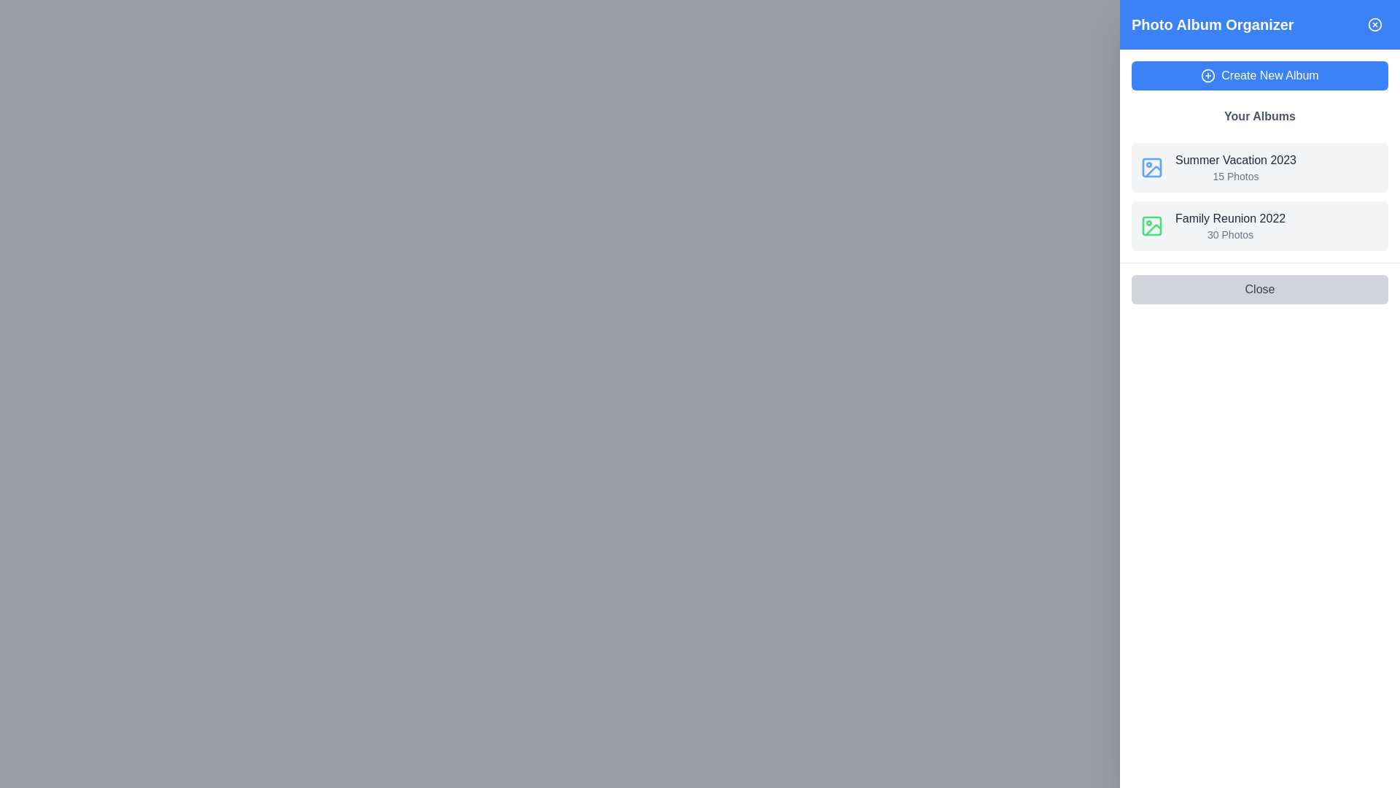 Image resolution: width=1400 pixels, height=788 pixels. What do you see at coordinates (1234, 167) in the screenshot?
I see `text block element displaying 'Summer Vacation 2023' and '15 Photos' located to the right of the blue icon in the top album entry of the 'Your Albums' section in the 'Photo Album Organizer' panel` at bounding box center [1234, 167].